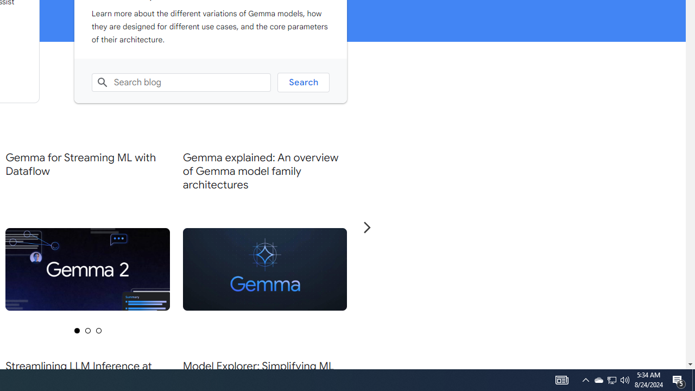 The width and height of the screenshot is (695, 391). I want to click on 'Selected tab 1 of 3', so click(76, 330).